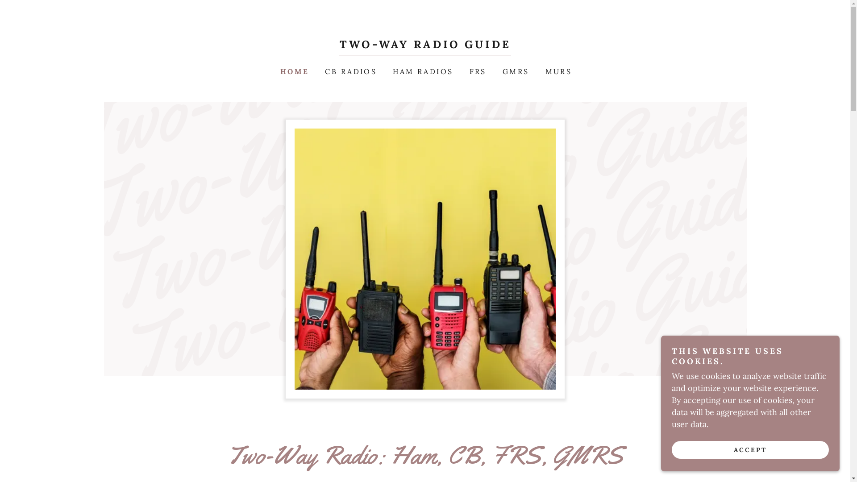  I want to click on 'HAM RADIOS', so click(421, 71).